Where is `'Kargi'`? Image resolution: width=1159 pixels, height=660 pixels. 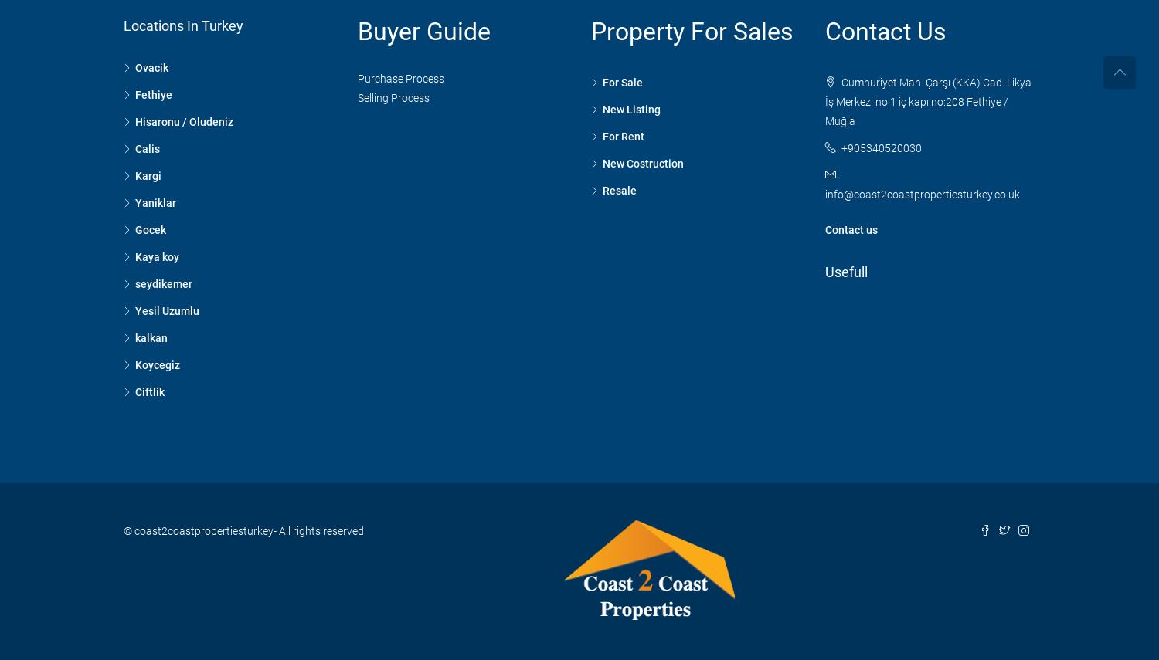 'Kargi' is located at coordinates (148, 176).